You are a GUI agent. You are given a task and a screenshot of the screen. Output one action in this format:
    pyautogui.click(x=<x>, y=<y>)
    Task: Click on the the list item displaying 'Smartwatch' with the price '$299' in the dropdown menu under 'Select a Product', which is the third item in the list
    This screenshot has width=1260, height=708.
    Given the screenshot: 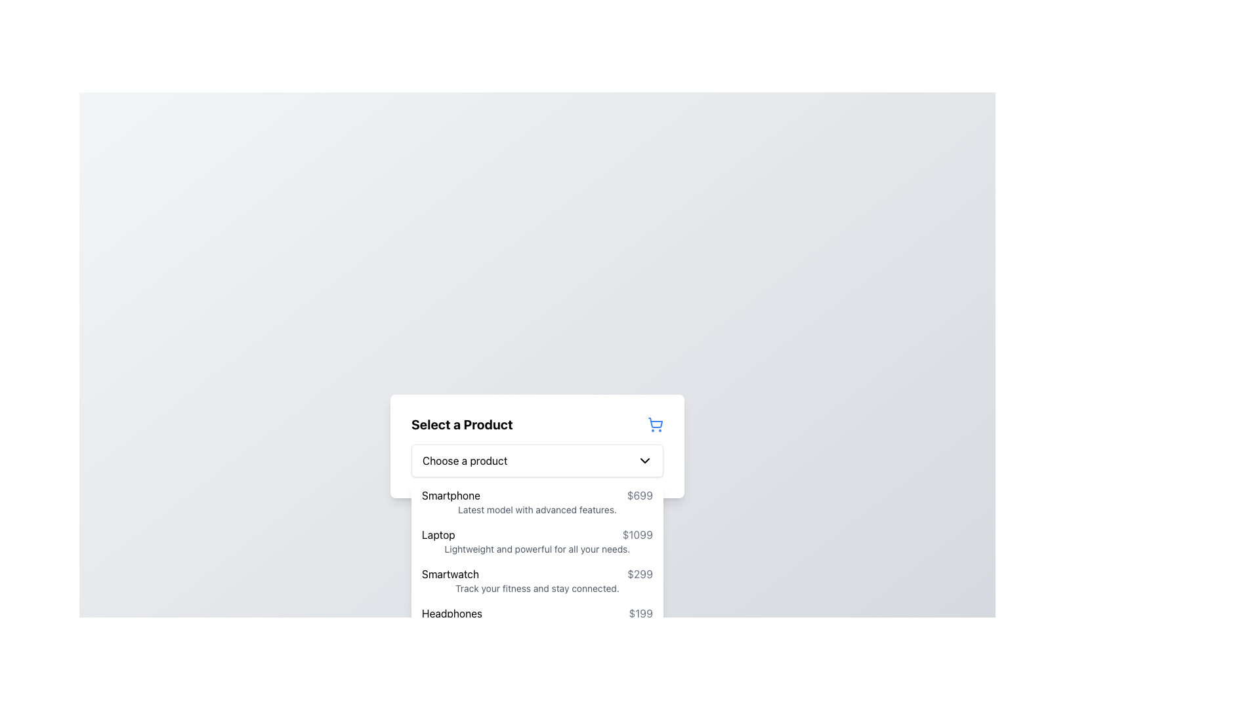 What is the action you would take?
    pyautogui.click(x=537, y=573)
    